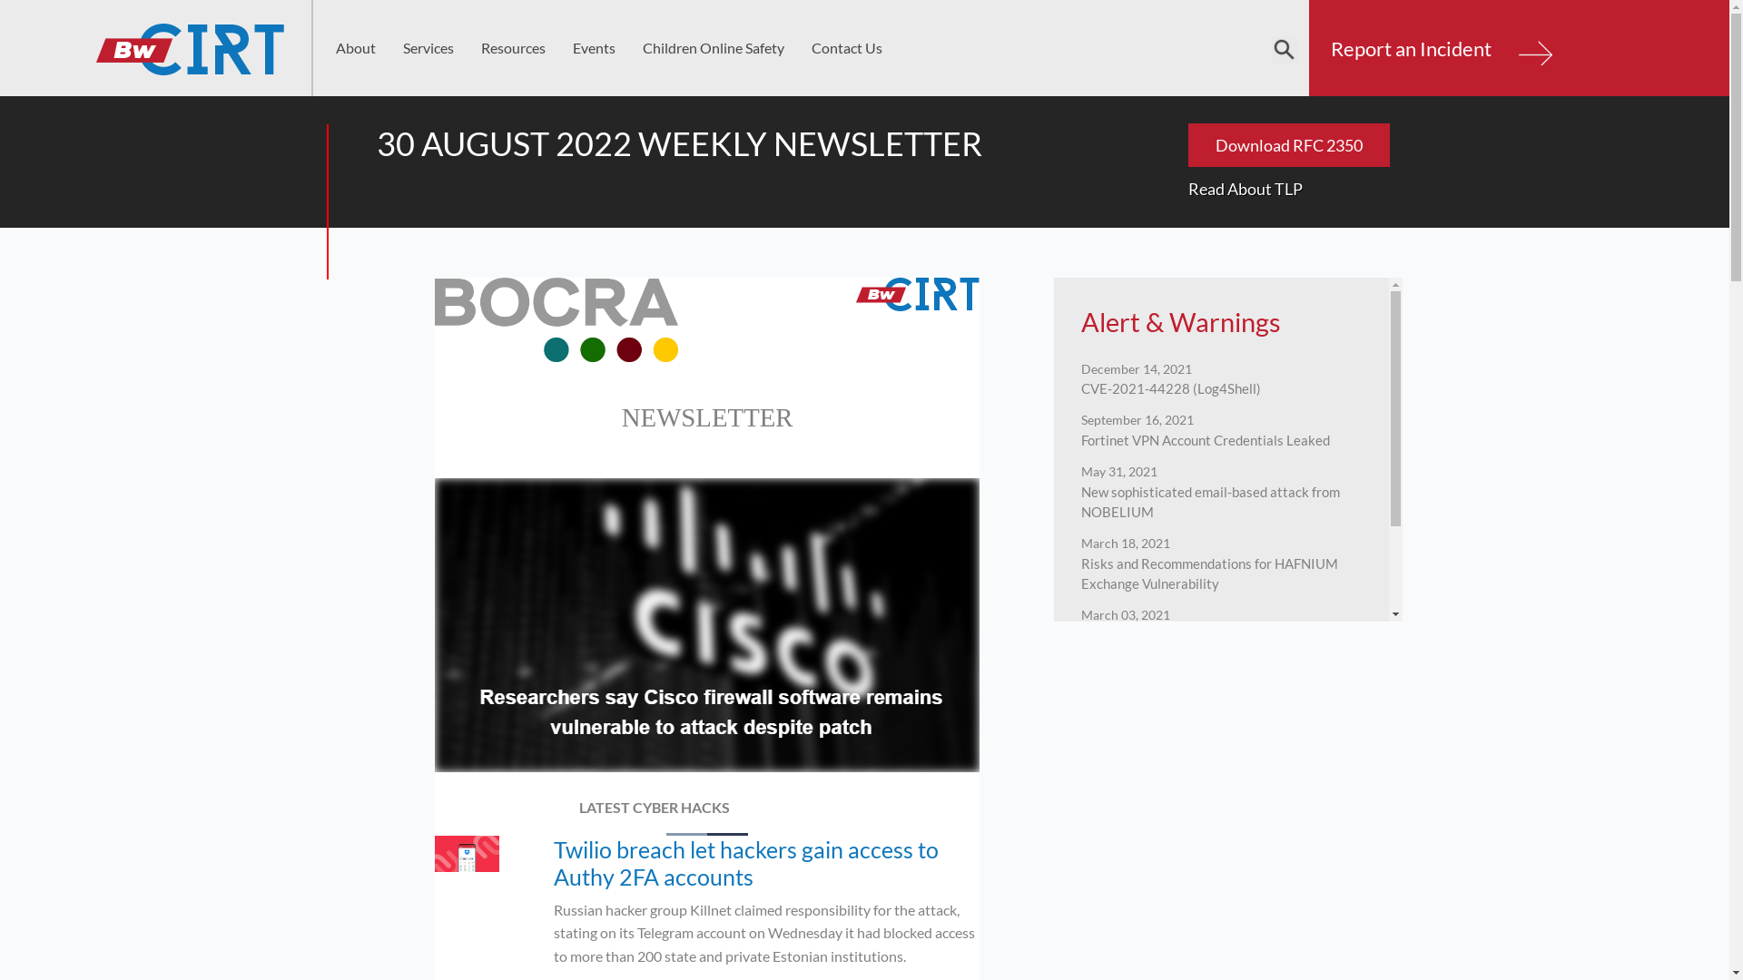 The image size is (1743, 980). I want to click on 'CVE-2021-44228 (Log4Shell)', so click(1171, 384).